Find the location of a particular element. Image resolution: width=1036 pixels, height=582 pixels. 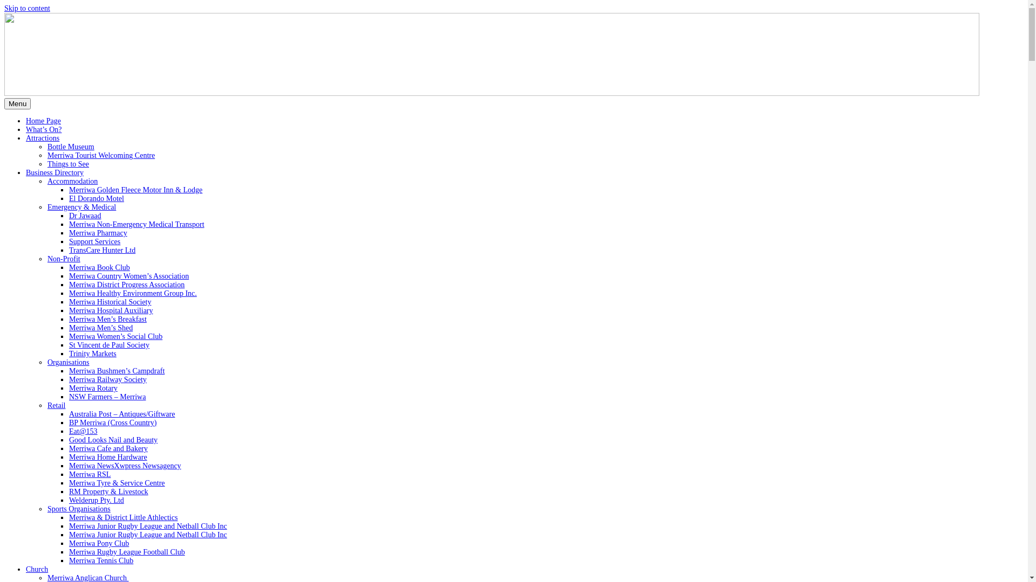

'Merriwa Golden Fleece Motor Inn & Lodge' is located at coordinates (135, 189).